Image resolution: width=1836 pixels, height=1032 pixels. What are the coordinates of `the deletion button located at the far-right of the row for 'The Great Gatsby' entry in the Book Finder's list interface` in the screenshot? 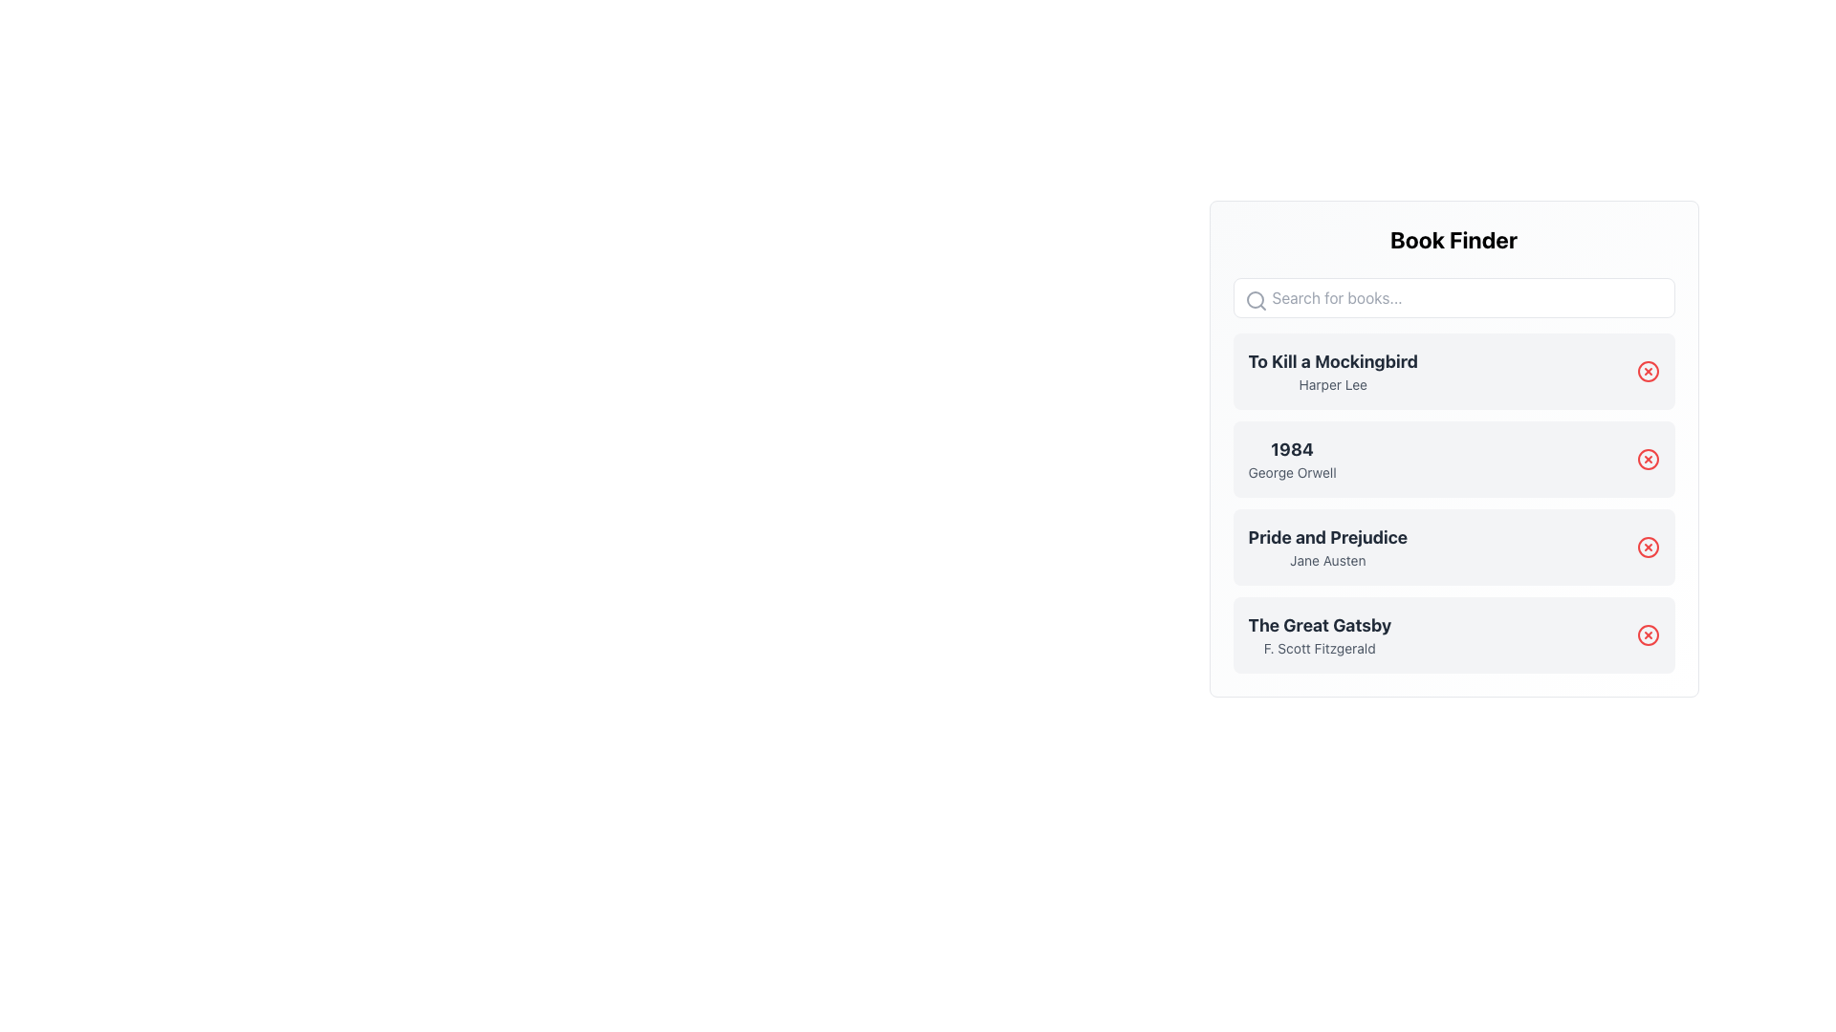 It's located at (1647, 634).